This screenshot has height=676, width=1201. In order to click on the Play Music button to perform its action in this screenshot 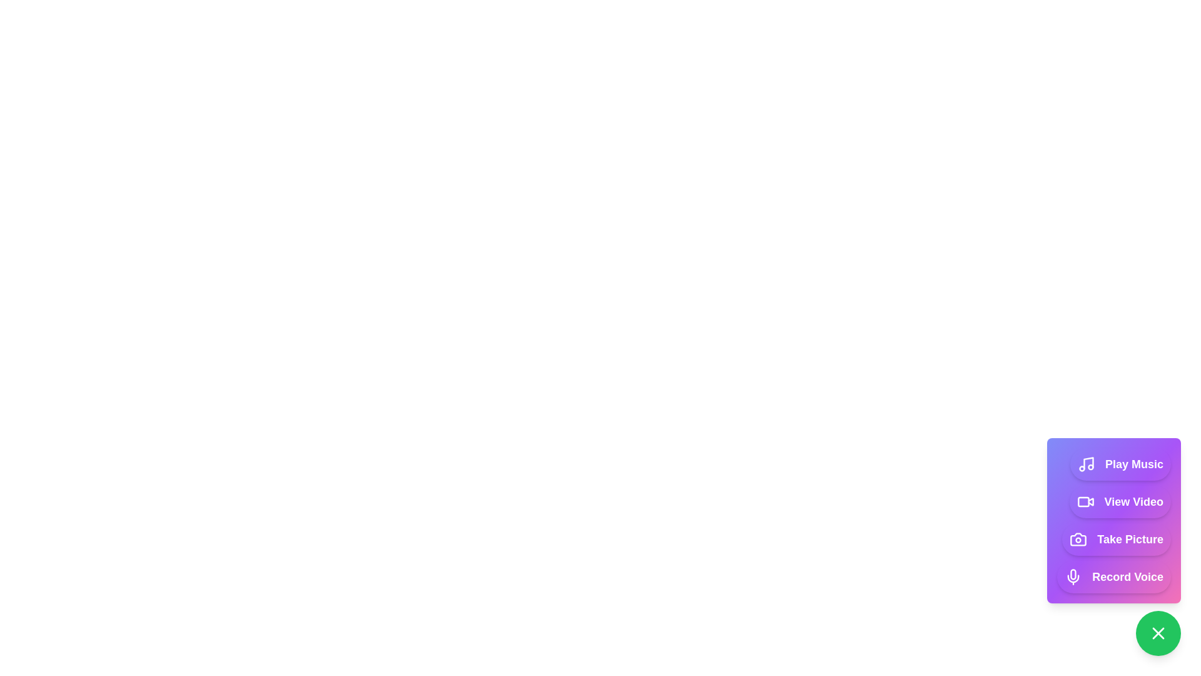, I will do `click(1120, 464)`.